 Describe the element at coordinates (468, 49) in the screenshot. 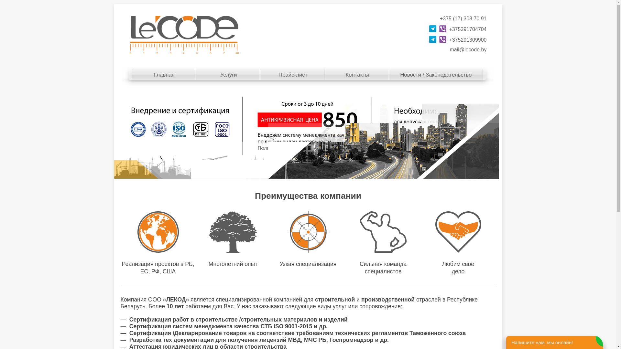

I see `'mail@lecode.by'` at that location.